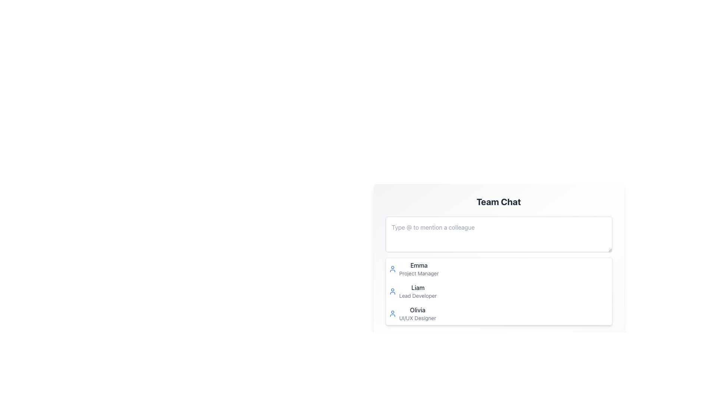 This screenshot has width=716, height=402. Describe the element at coordinates (499, 314) in the screenshot. I see `the third user listing in the team chat application` at that location.